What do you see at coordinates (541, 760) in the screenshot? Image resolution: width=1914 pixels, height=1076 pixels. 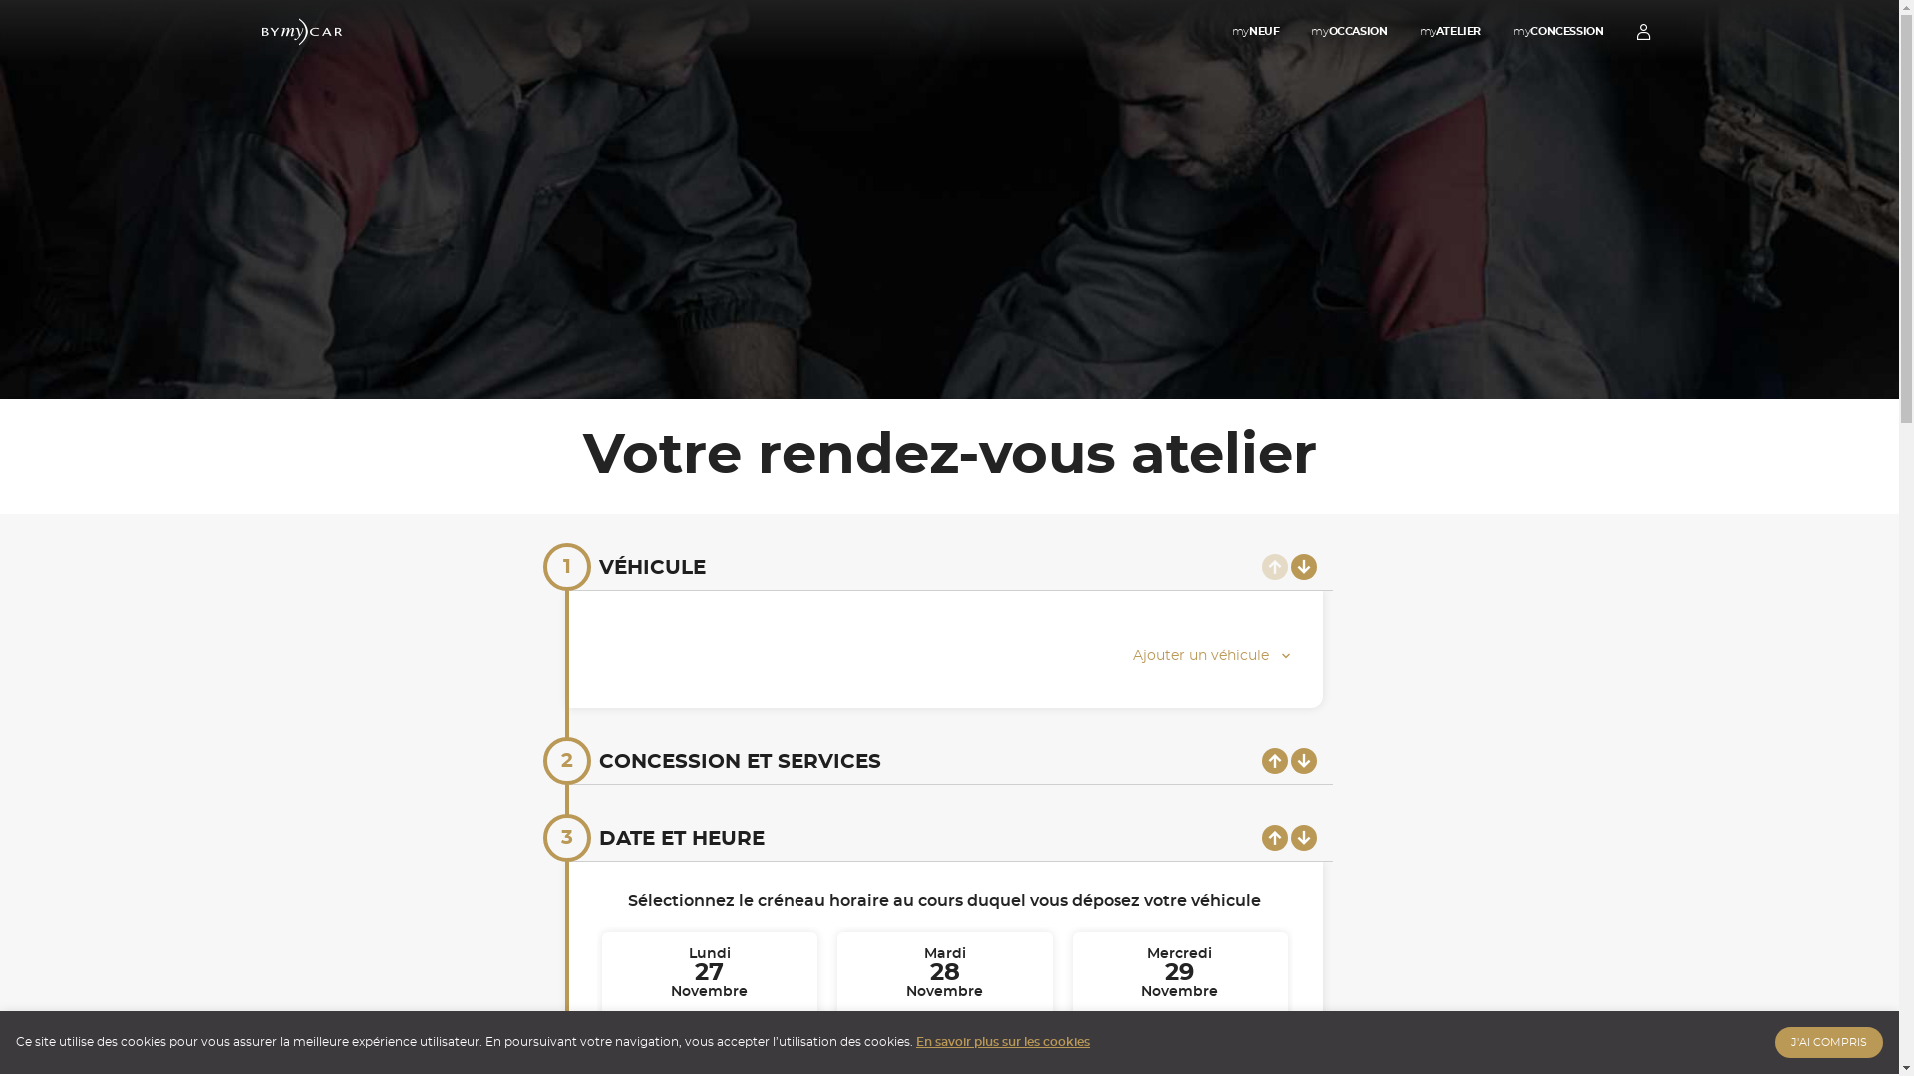 I see `'2'` at bounding box center [541, 760].